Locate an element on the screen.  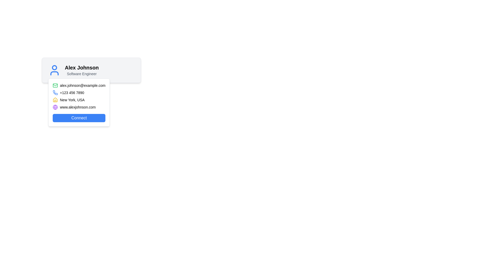
the icon located to the immediate left of the text 'www.alexjohnson.com' is located at coordinates (55, 107).